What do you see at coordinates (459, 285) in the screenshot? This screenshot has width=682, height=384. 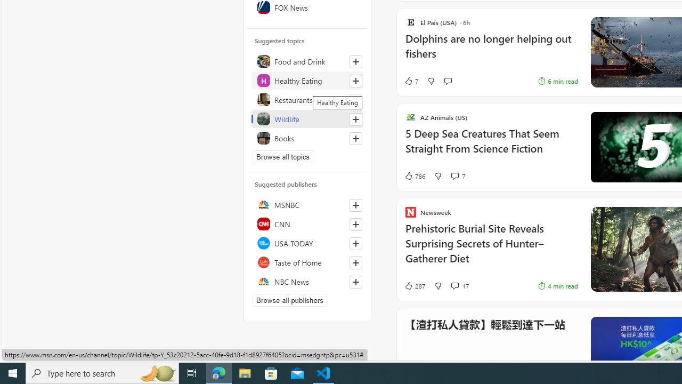 I see `'View comments 17 Comment'` at bounding box center [459, 285].